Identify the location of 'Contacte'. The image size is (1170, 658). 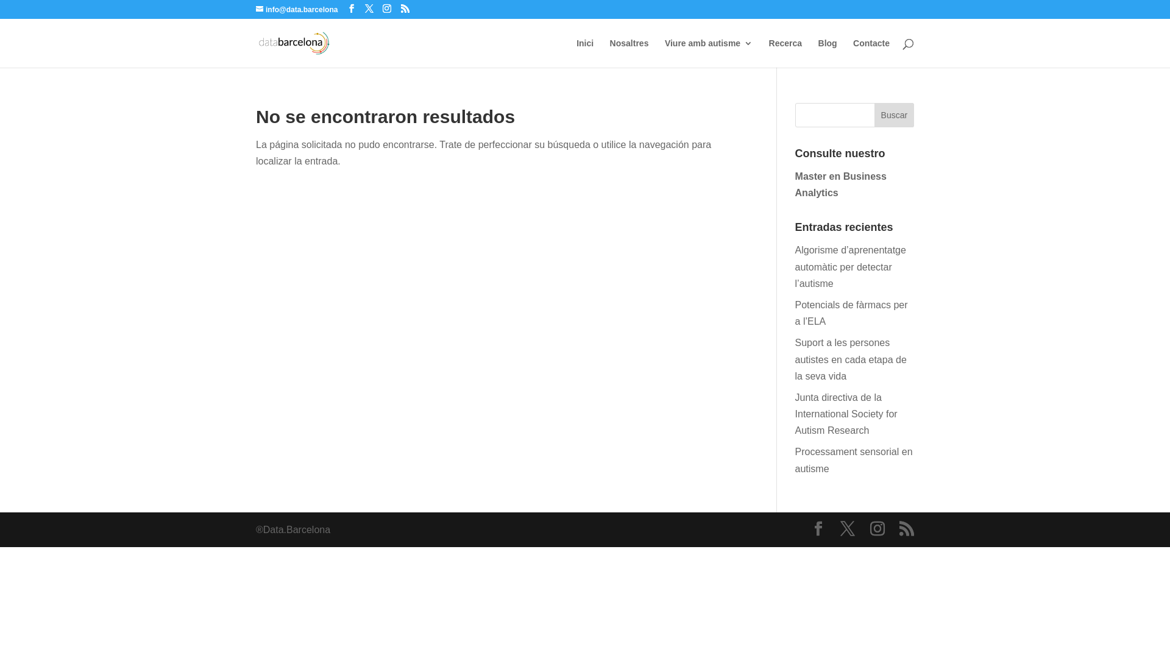
(853, 52).